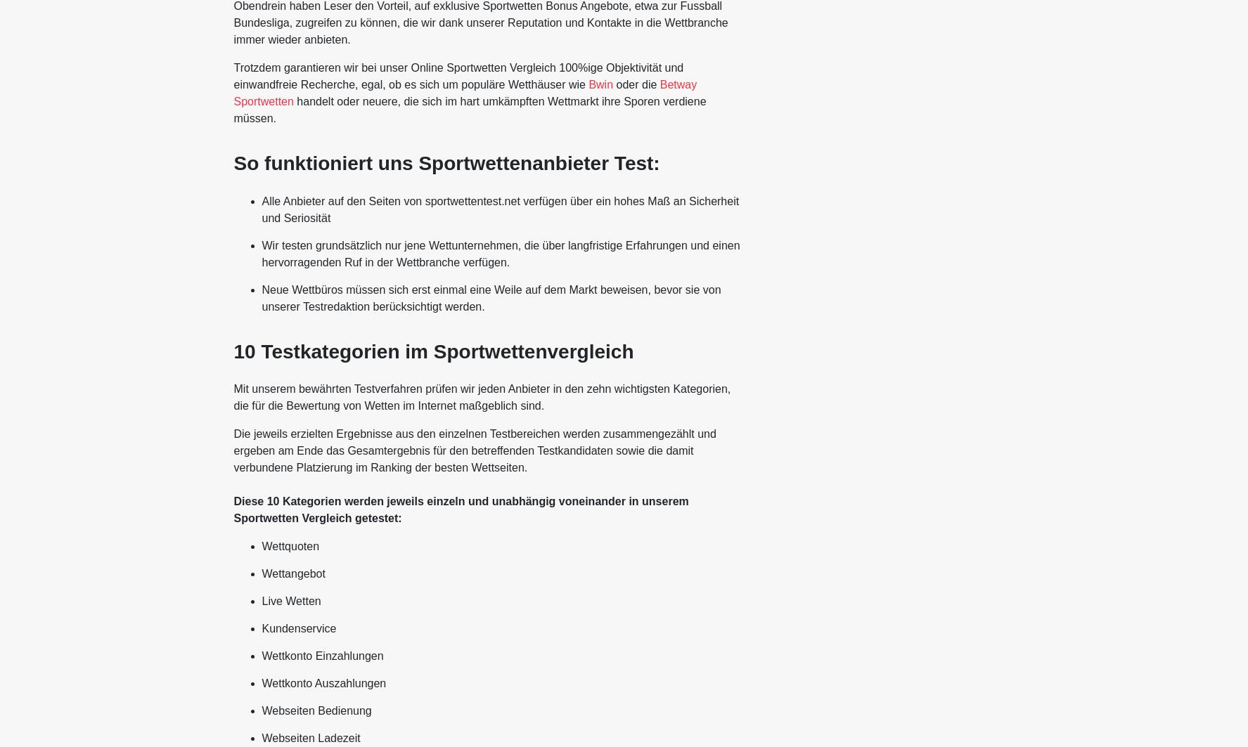  Describe the element at coordinates (446, 163) in the screenshot. I see `'So funktioniert uns Sportwettenanbieter Test:'` at that location.